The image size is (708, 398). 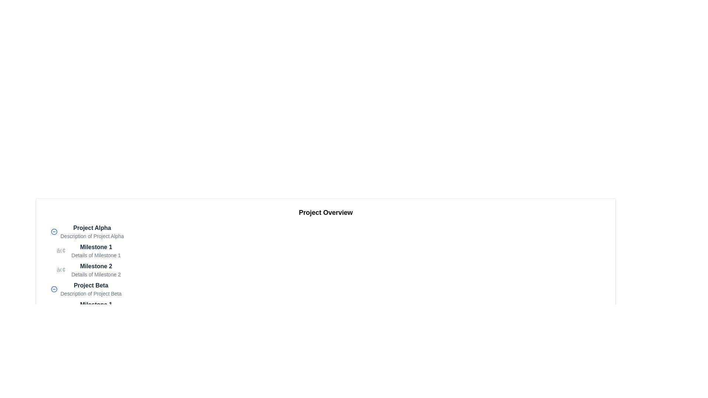 What do you see at coordinates (325, 213) in the screenshot?
I see `title text component labeled 'Project Overview', which is styled in bold and larger font at the top of the panel` at bounding box center [325, 213].